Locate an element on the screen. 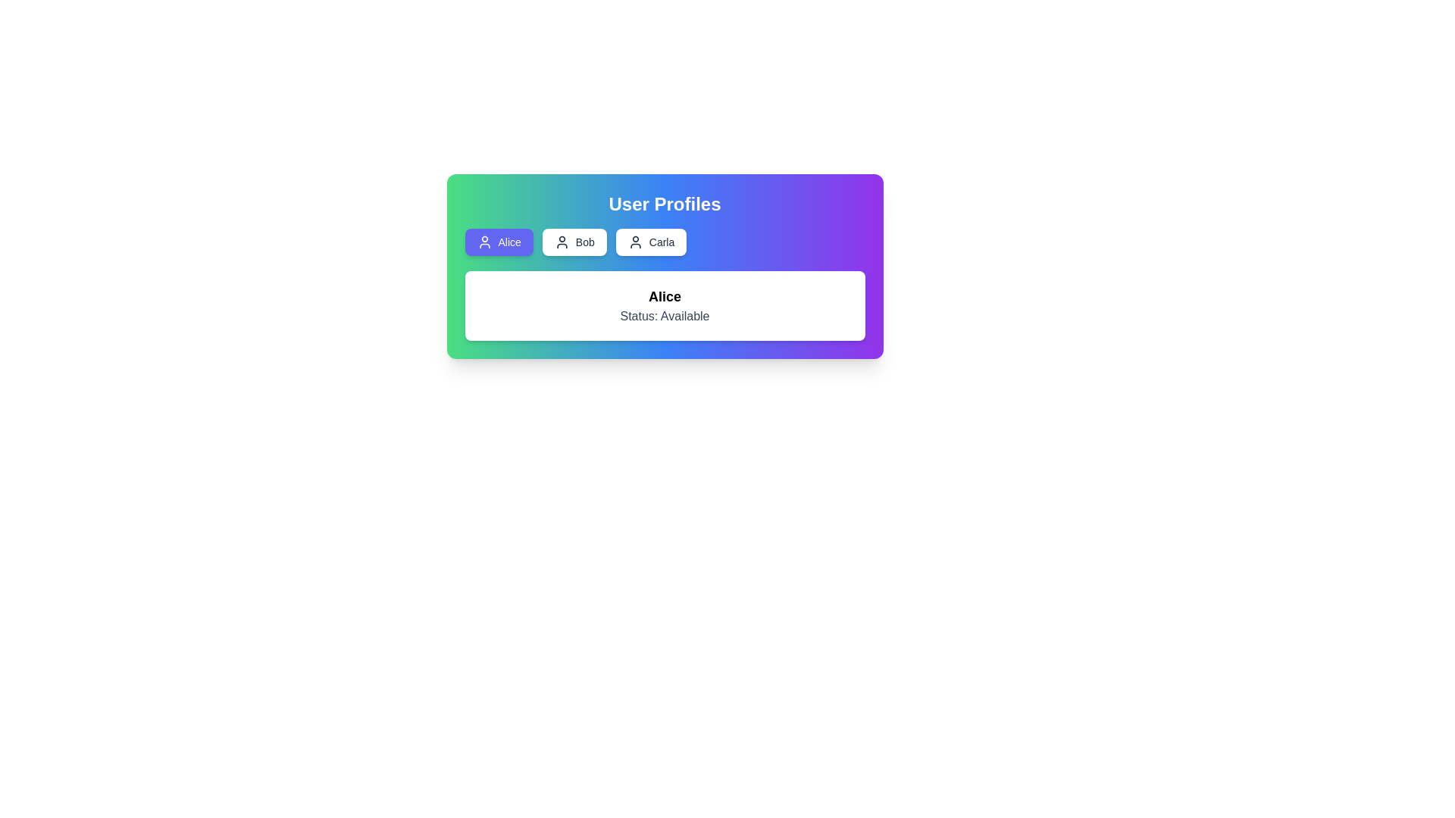 This screenshot has width=1455, height=818. the user profile corresponding to Alice is located at coordinates (498, 242).